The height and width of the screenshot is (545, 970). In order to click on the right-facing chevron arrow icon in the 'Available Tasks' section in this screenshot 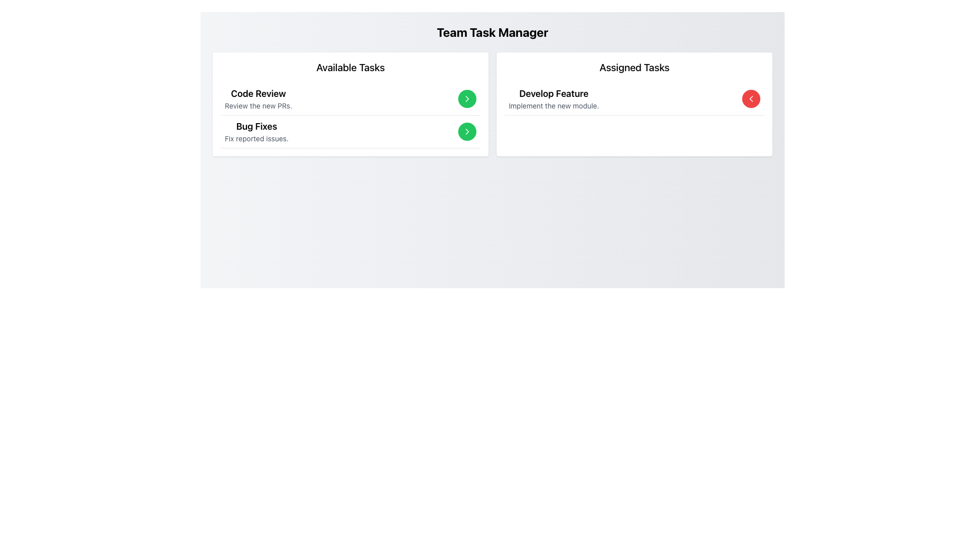, I will do `click(467, 99)`.